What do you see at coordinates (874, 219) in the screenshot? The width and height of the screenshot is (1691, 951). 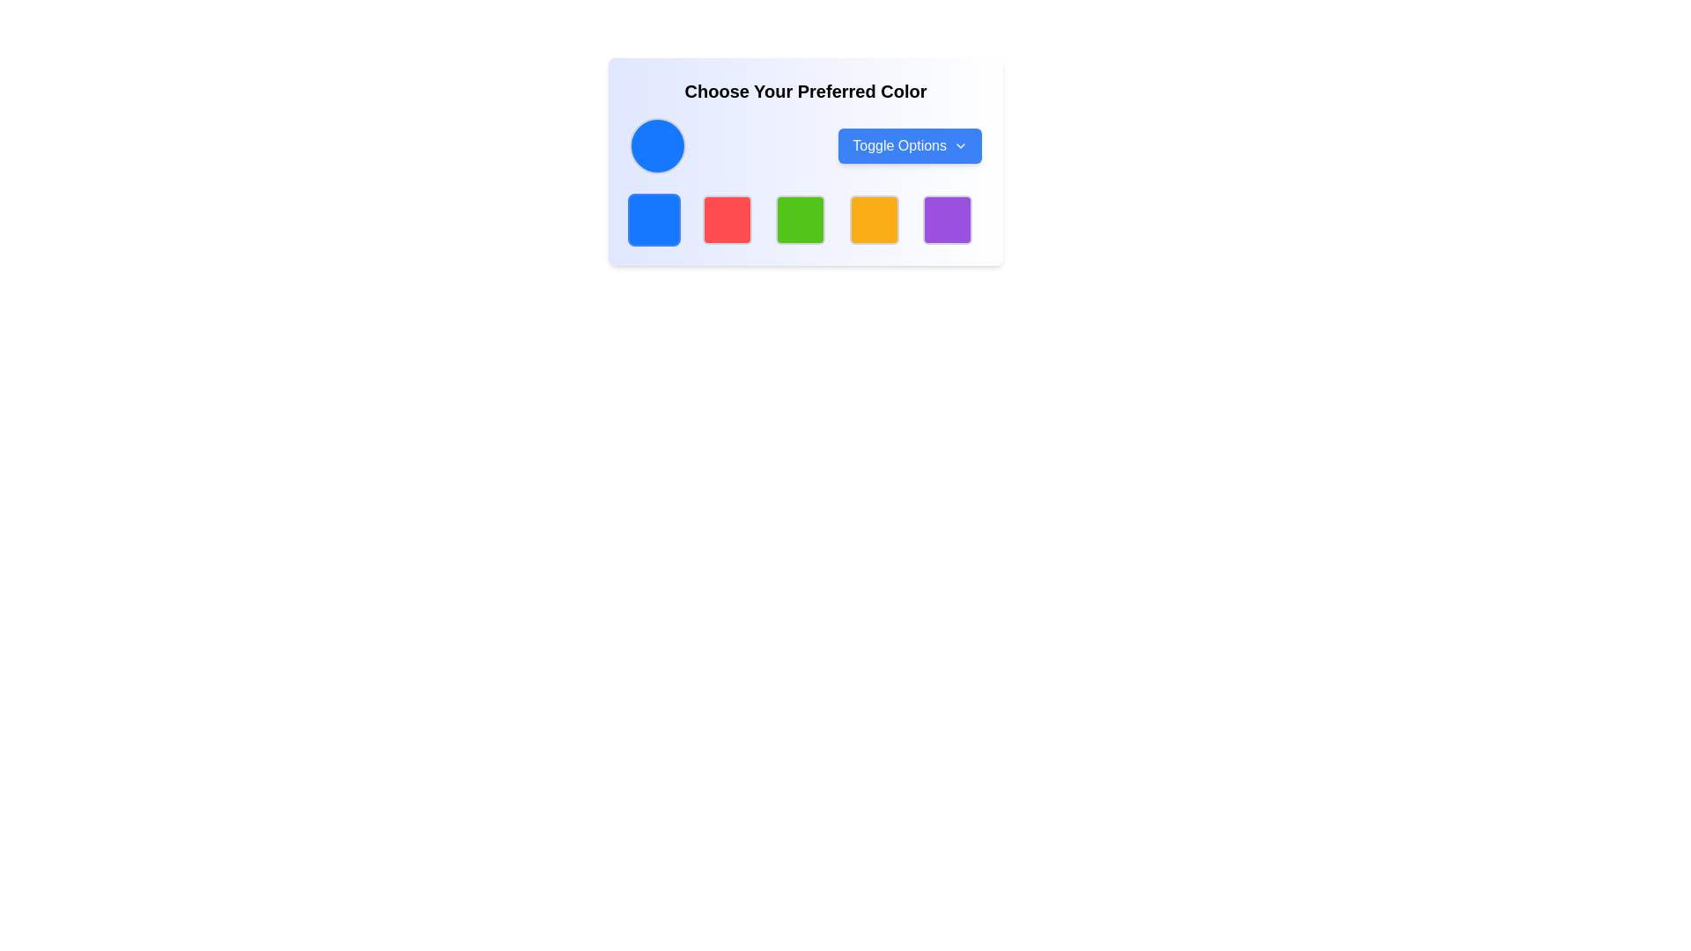 I see `the vibrant orange button with a gray border located in the center-right of the button grid` at bounding box center [874, 219].